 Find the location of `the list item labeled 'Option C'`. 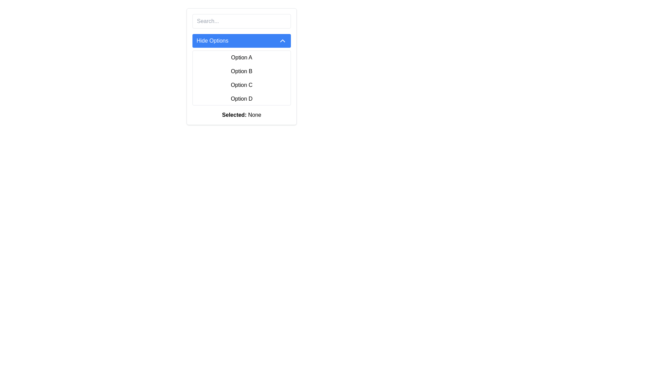

the list item labeled 'Option C' is located at coordinates (241, 85).